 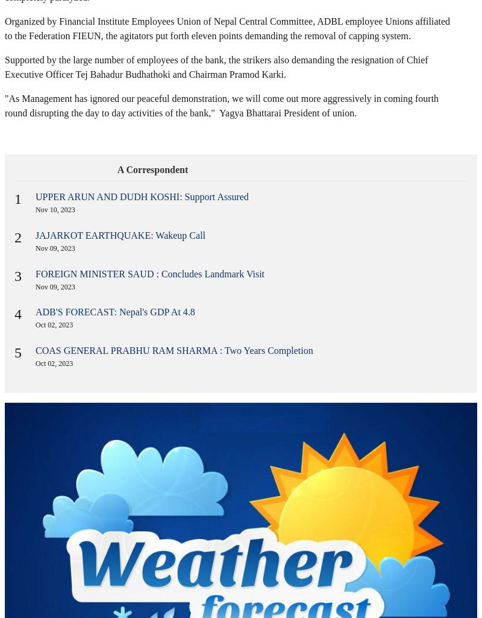 What do you see at coordinates (5, 105) in the screenshot?
I see `'"As Management has ignored our peaceful demonstration, we will come out more aggressively in coming fourth round disrupting the day to day activities of the bank,"  Yagya Bhattarai President of union.'` at bounding box center [5, 105].